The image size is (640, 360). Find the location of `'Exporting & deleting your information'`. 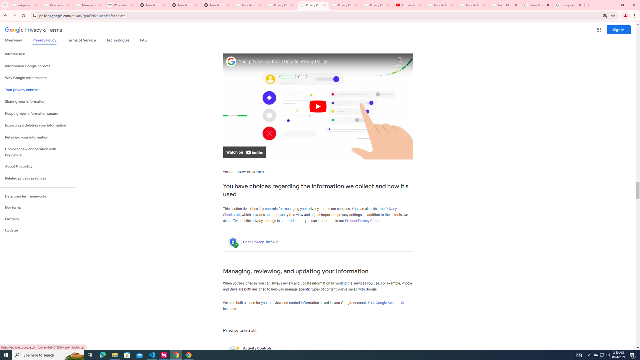

'Exporting & deleting your information' is located at coordinates (38, 125).